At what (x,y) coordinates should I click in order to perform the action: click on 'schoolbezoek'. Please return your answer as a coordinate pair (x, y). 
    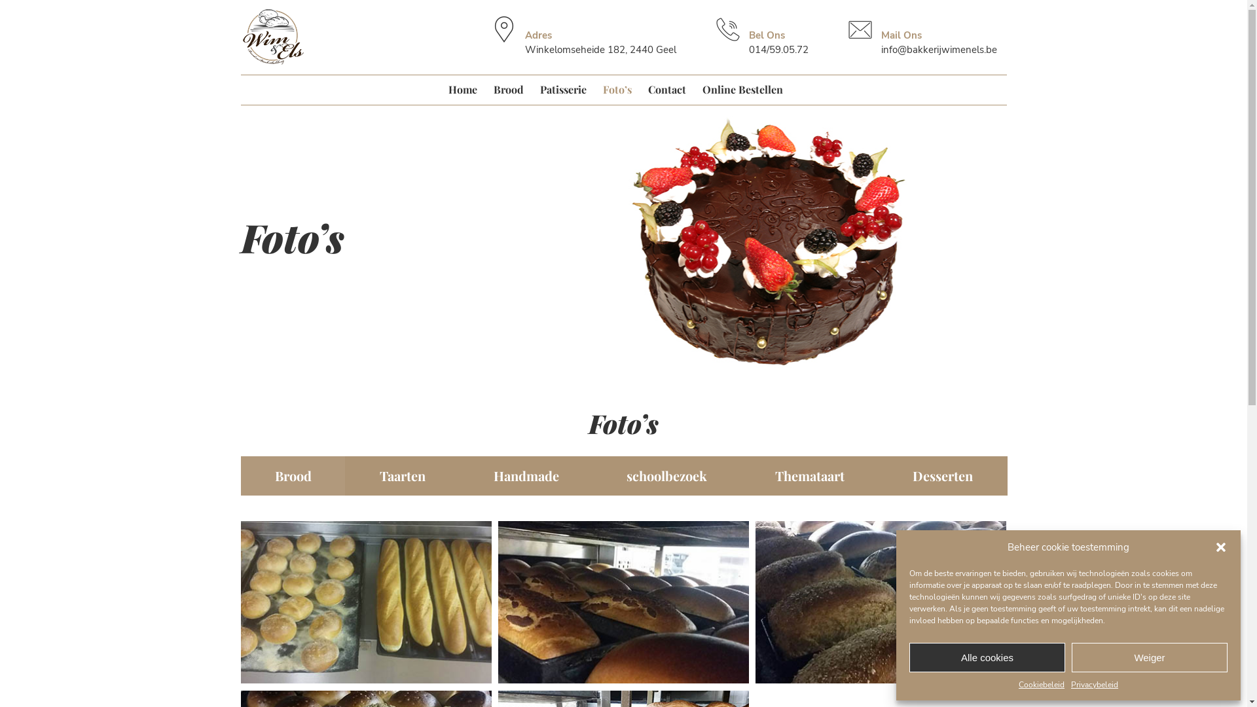
    Looking at the image, I should click on (592, 475).